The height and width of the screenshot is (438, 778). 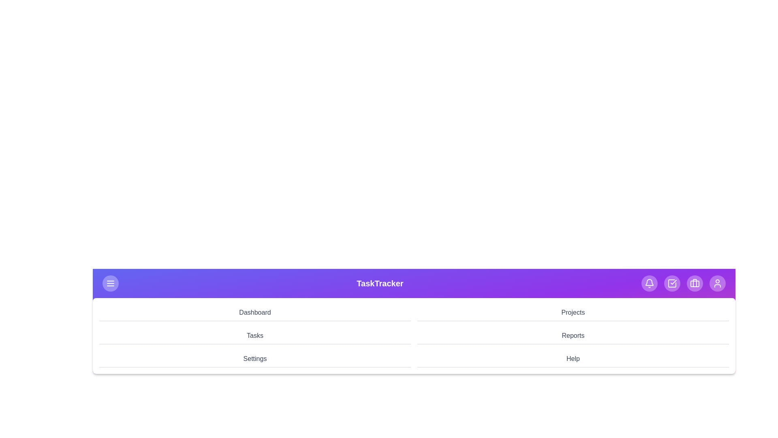 I want to click on the user icon in the app bar, so click(x=718, y=283).